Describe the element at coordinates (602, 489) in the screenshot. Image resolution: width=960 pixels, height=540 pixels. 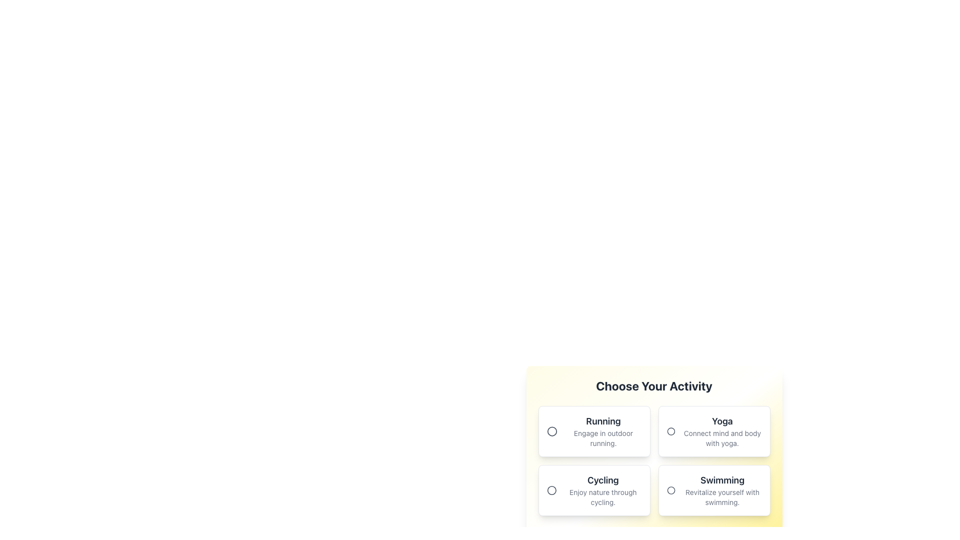
I see `text content of the selectable option labeled 'Cycling' located in the bottom-left section of the activity selection interface` at that location.